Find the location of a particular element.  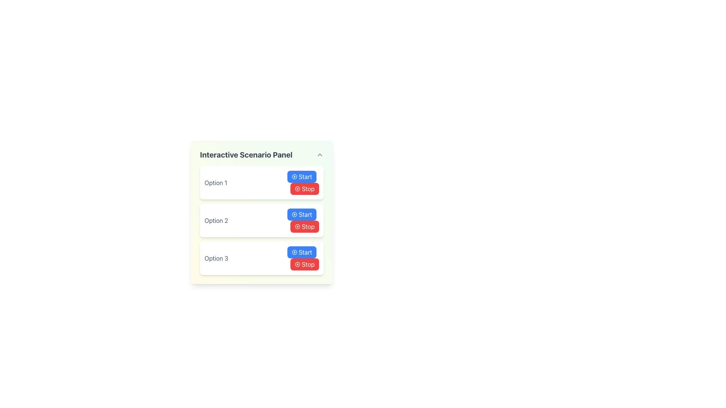

the upward-pointing chevron button located in the top-right corner of the 'Interactive Scenario Panel' header to change its color is located at coordinates (320, 154).